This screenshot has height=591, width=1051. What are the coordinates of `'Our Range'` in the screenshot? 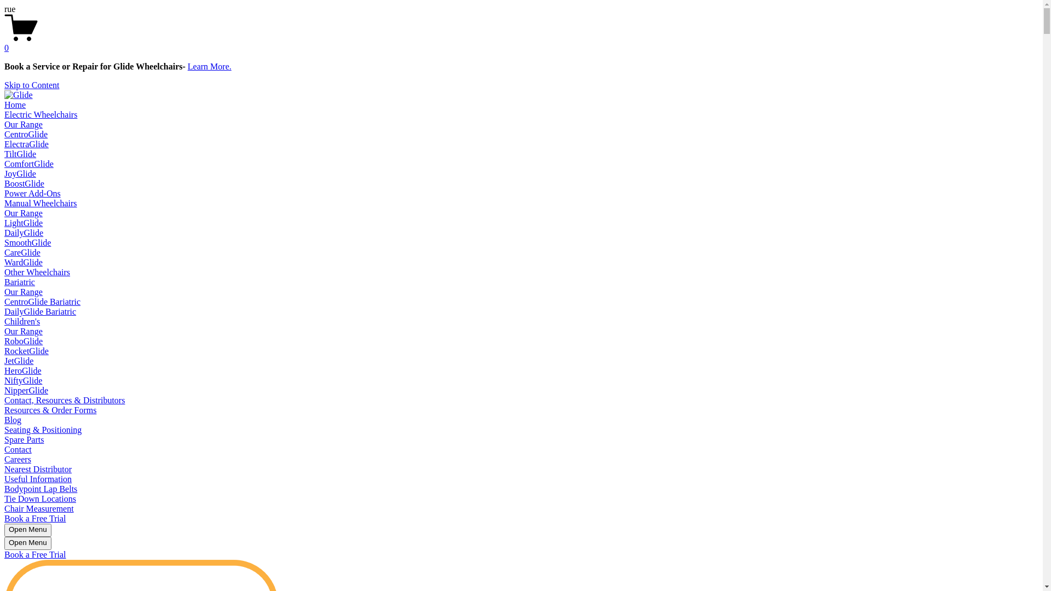 It's located at (24, 291).